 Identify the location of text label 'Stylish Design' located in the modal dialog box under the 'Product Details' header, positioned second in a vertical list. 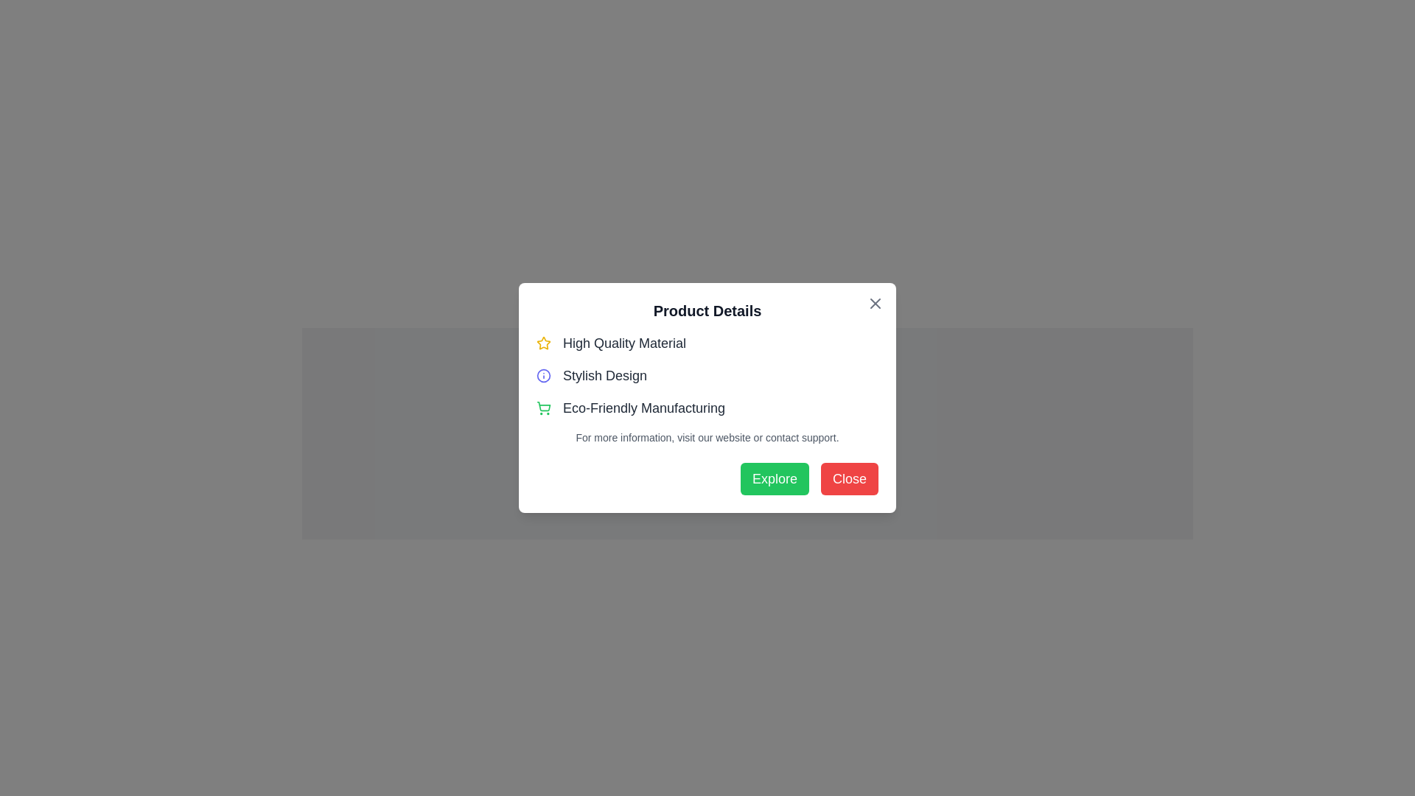
(604, 374).